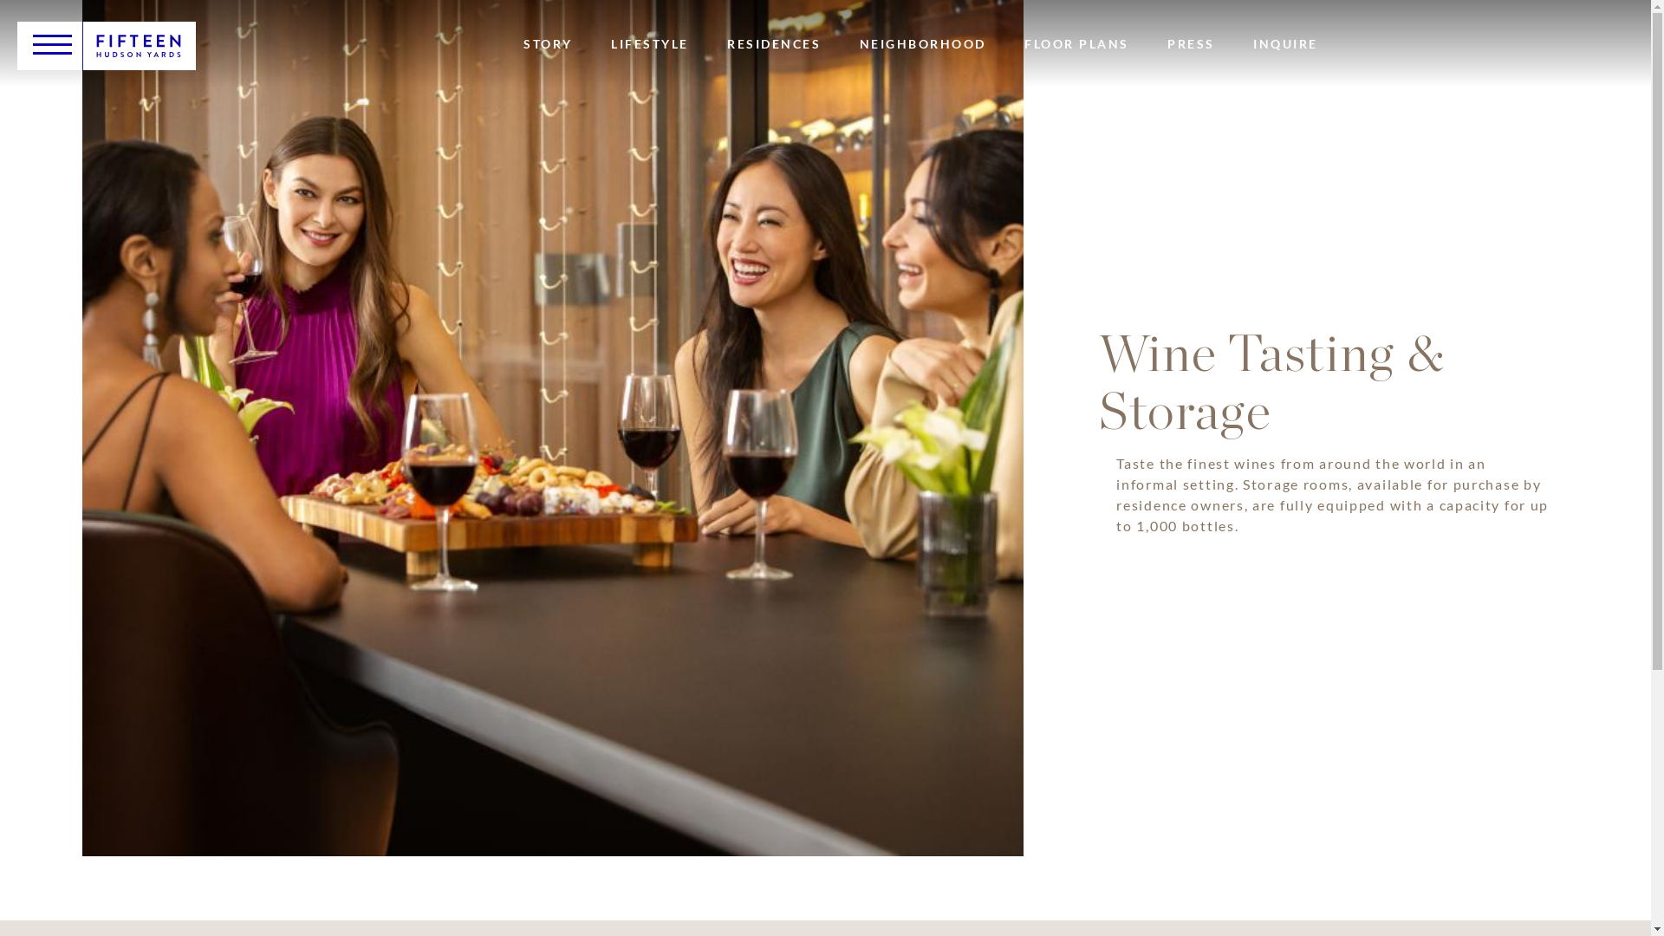 The image size is (1664, 936). What do you see at coordinates (772, 42) in the screenshot?
I see `'RESIDENCES'` at bounding box center [772, 42].